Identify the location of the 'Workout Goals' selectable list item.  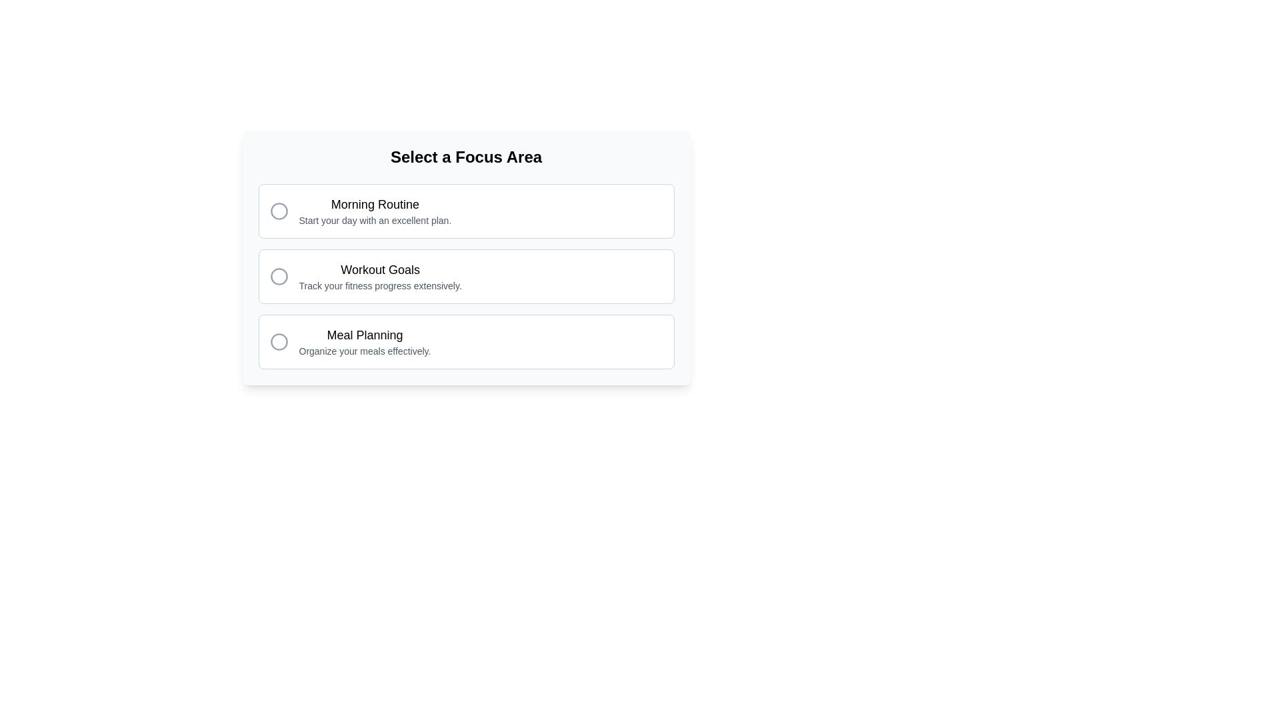
(466, 276).